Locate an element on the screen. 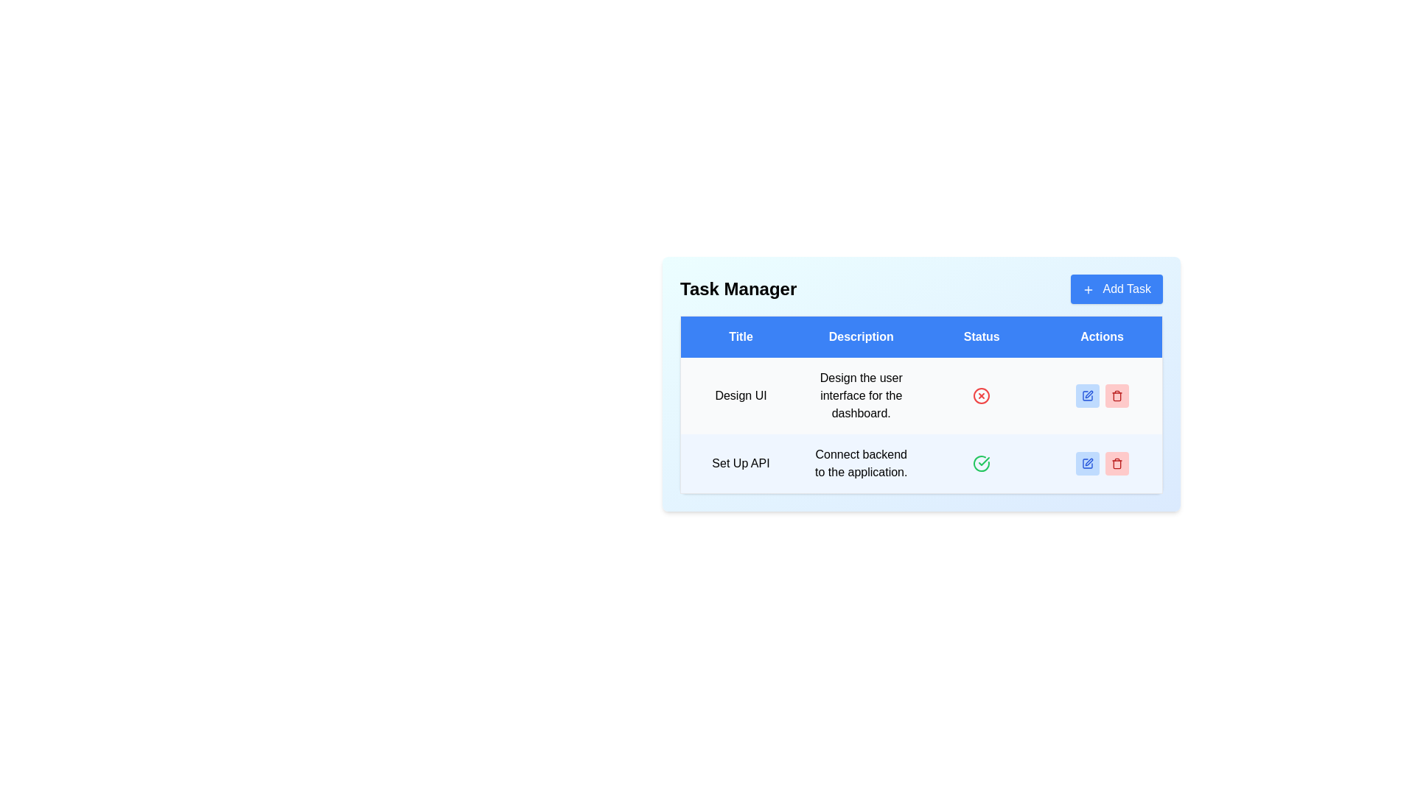 This screenshot has height=795, width=1415. the edit button in the 'Actions' column of the second row in the table, which is indicated by a pen icon and is located to the left of a red-colored trash button is located at coordinates (1087, 462).